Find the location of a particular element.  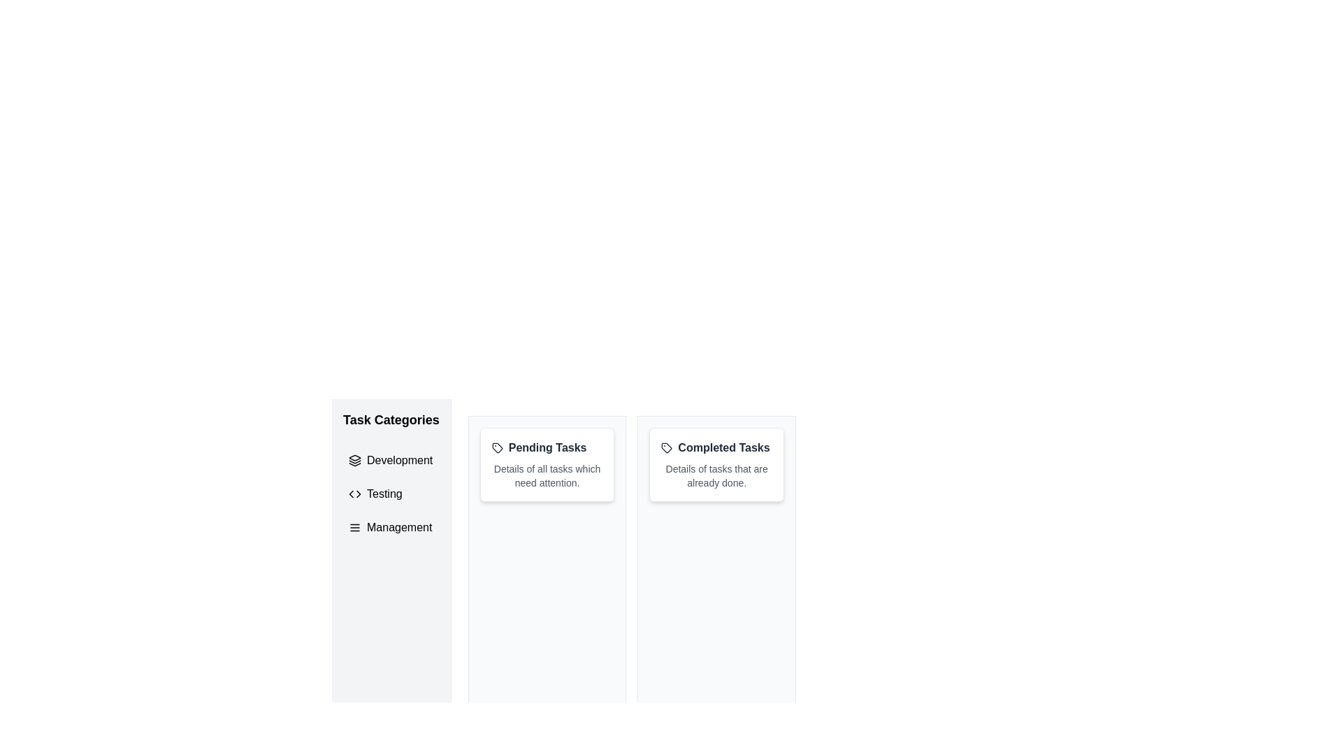

the right-pointing triangular arrowhead within the coding symbol icon located in the 'Testing' entry of the 'Task Categories' sidebar is located at coordinates (359, 493).